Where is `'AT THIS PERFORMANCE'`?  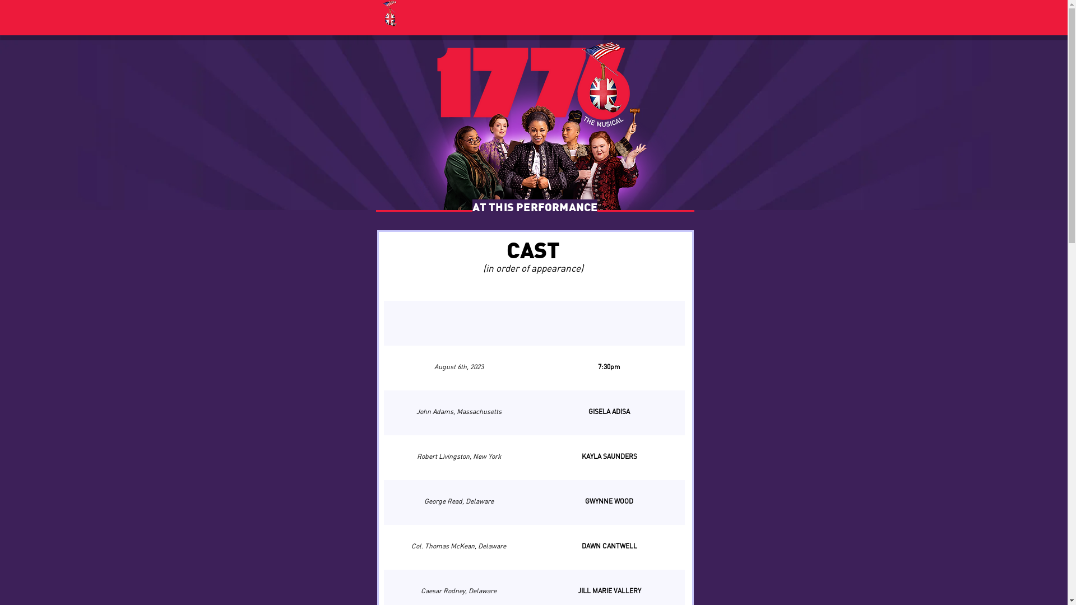 'AT THIS PERFORMANCE' is located at coordinates (535, 206).